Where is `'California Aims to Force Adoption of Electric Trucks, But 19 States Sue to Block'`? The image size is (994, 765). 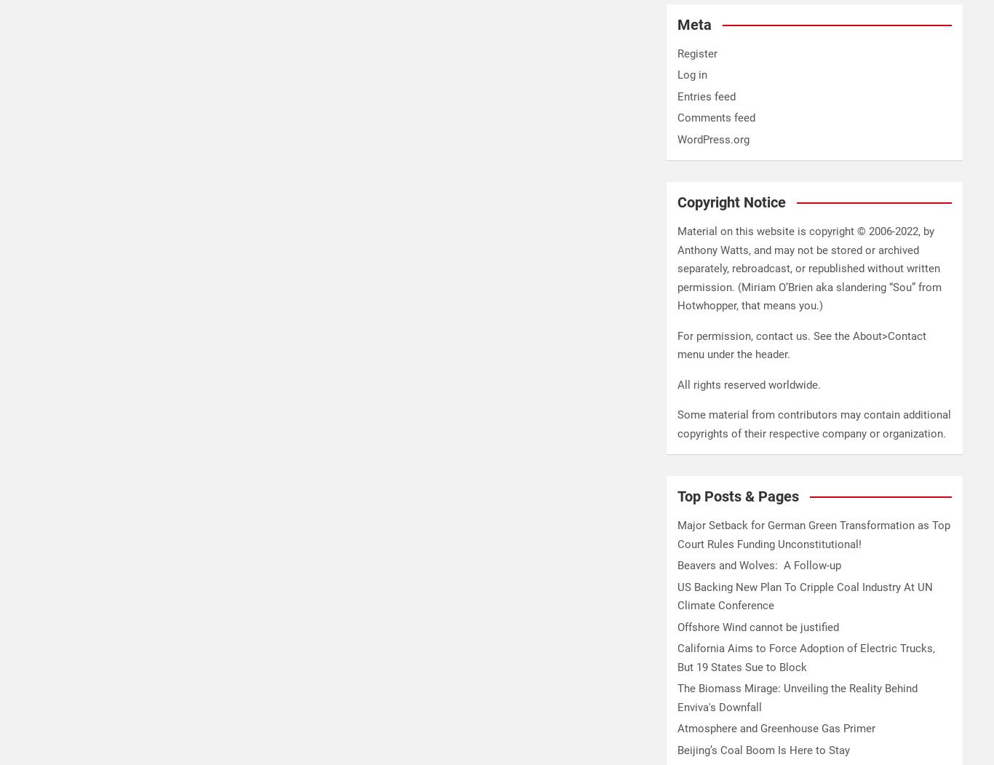 'California Aims to Force Adoption of Electric Trucks, But 19 States Sue to Block' is located at coordinates (805, 657).